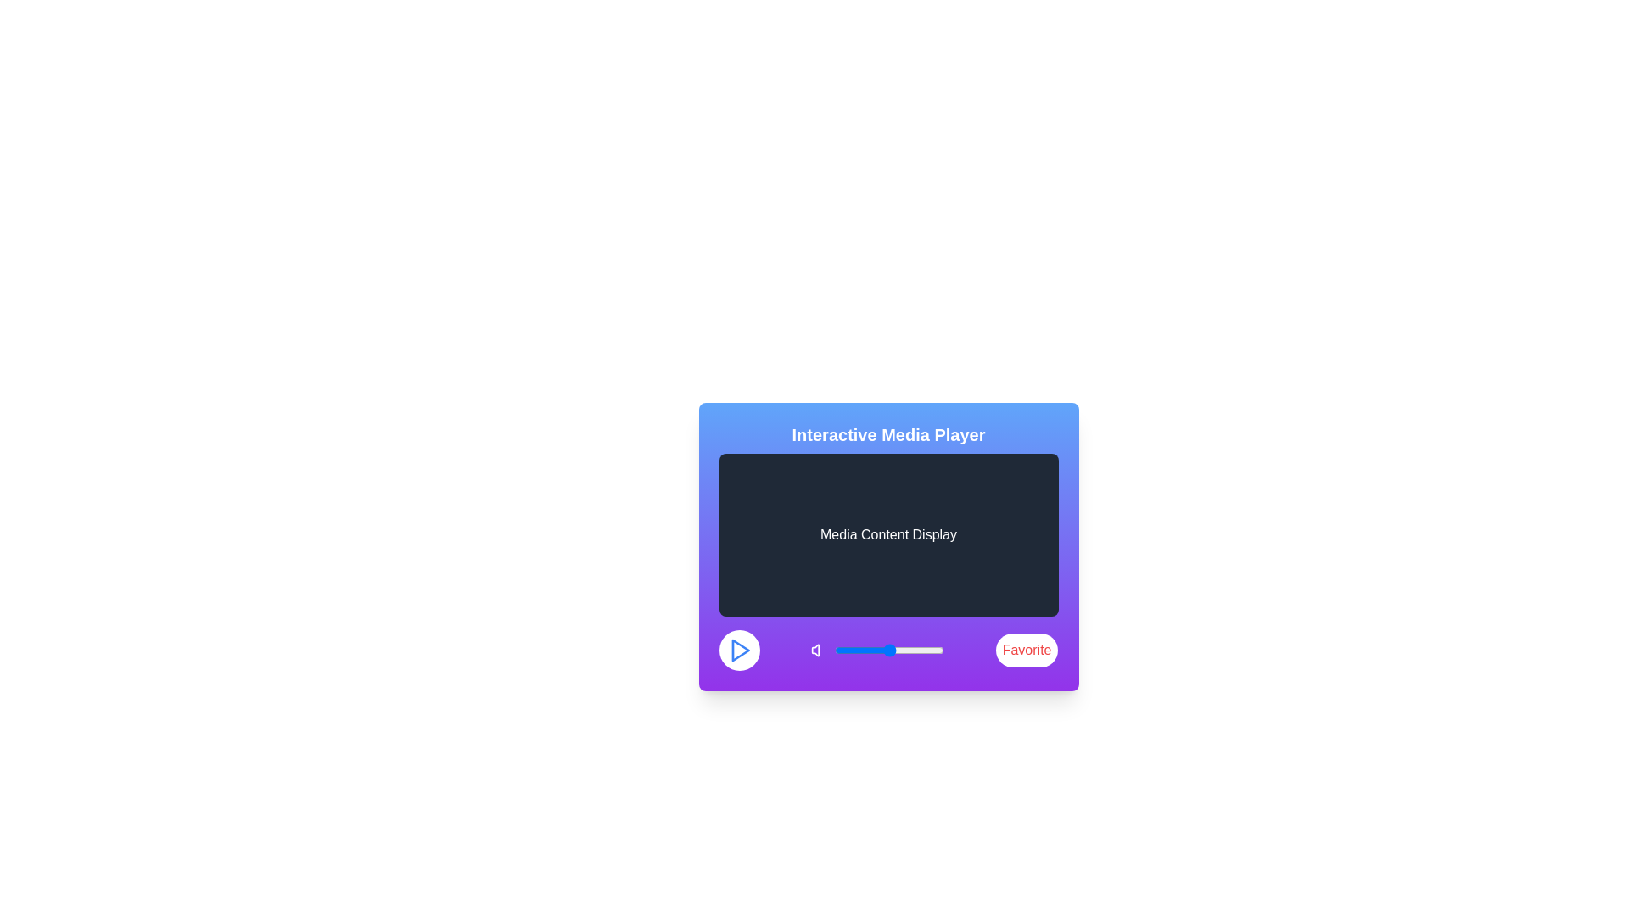 Image resolution: width=1629 pixels, height=916 pixels. I want to click on the Play Button located inside a white circular button at the bottom left corner of the interactive media player interface to initiate media playback, so click(740, 650).